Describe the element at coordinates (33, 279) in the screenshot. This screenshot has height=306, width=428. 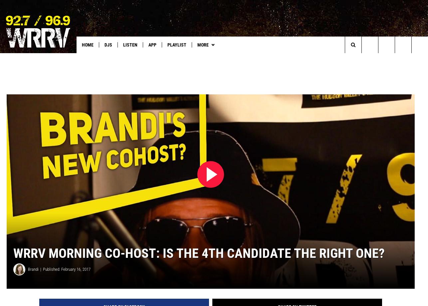
I see `'Brandi'` at that location.